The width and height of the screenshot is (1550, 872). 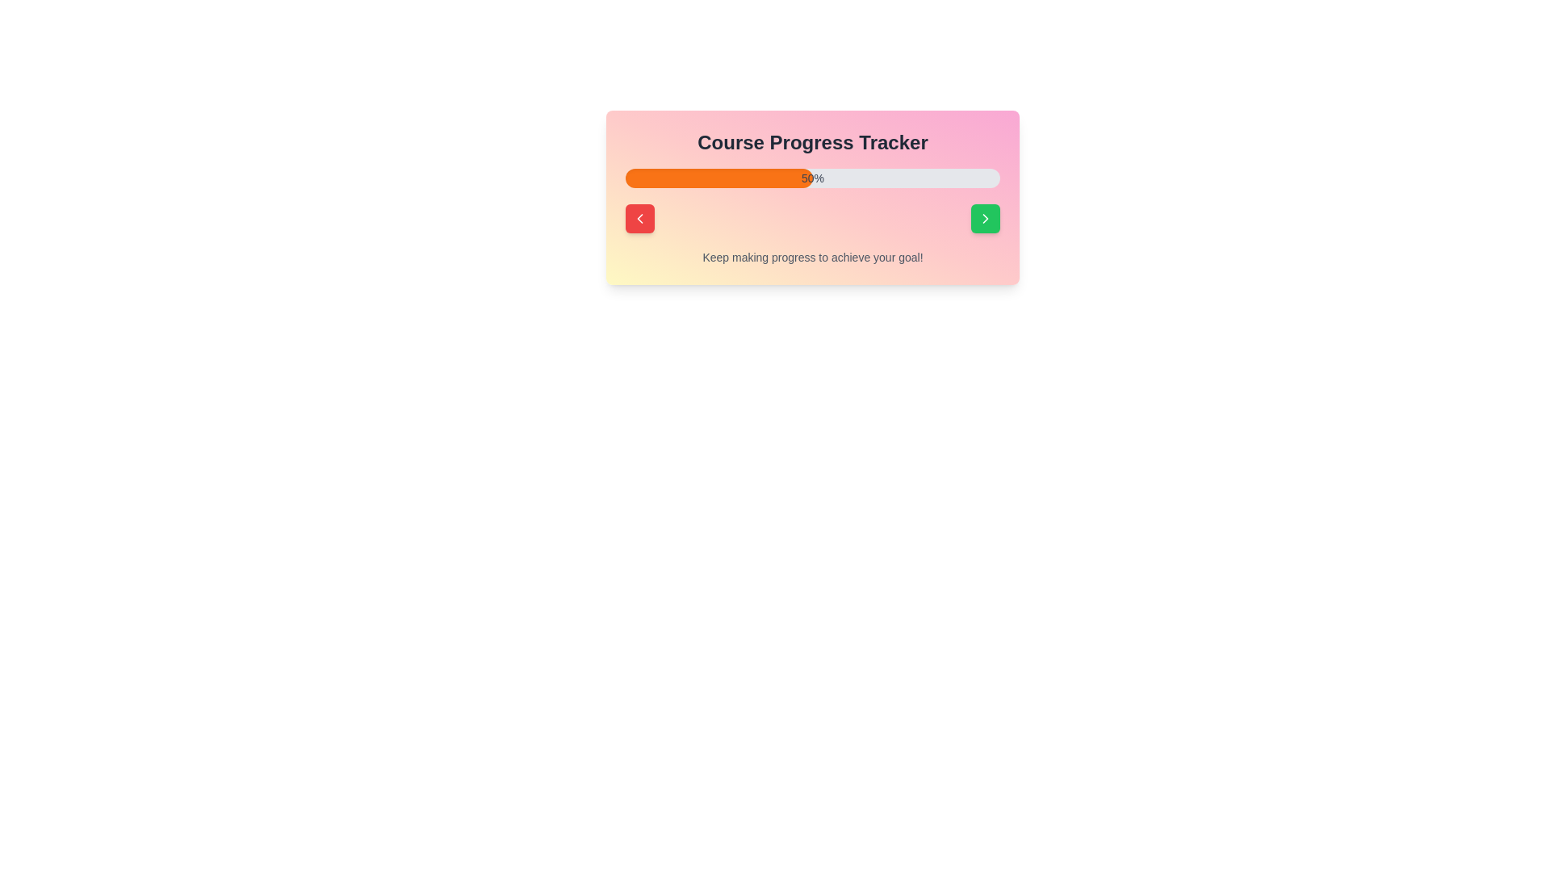 What do you see at coordinates (984, 218) in the screenshot?
I see `the small right-facing chevron icon located within the green rectangular button` at bounding box center [984, 218].